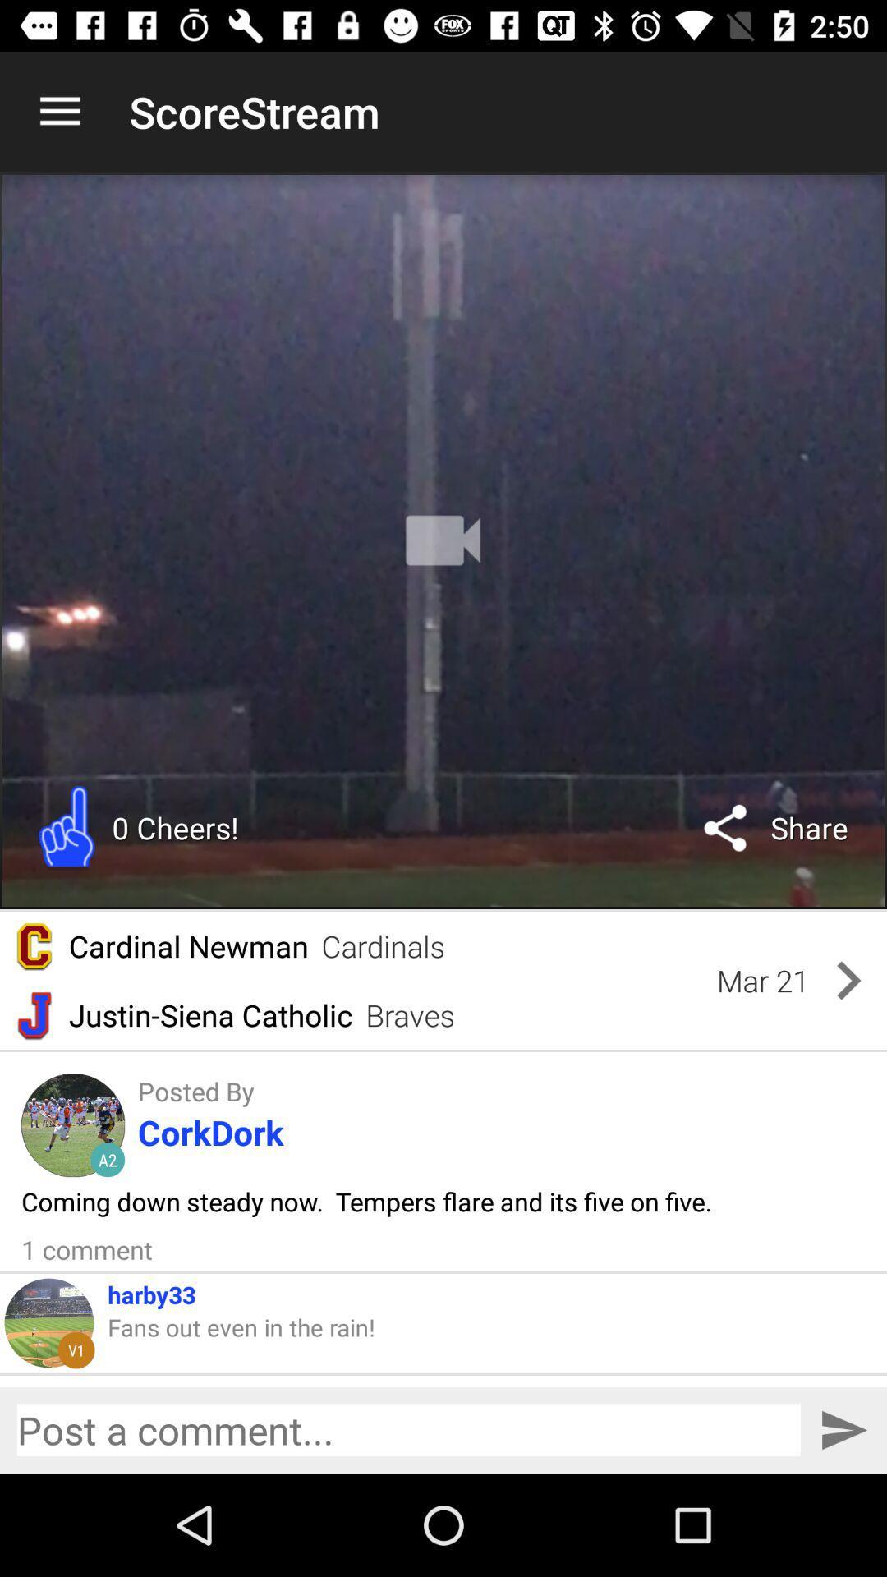  Describe the element at coordinates (76, 1349) in the screenshot. I see `the icon next to the fans out even` at that location.